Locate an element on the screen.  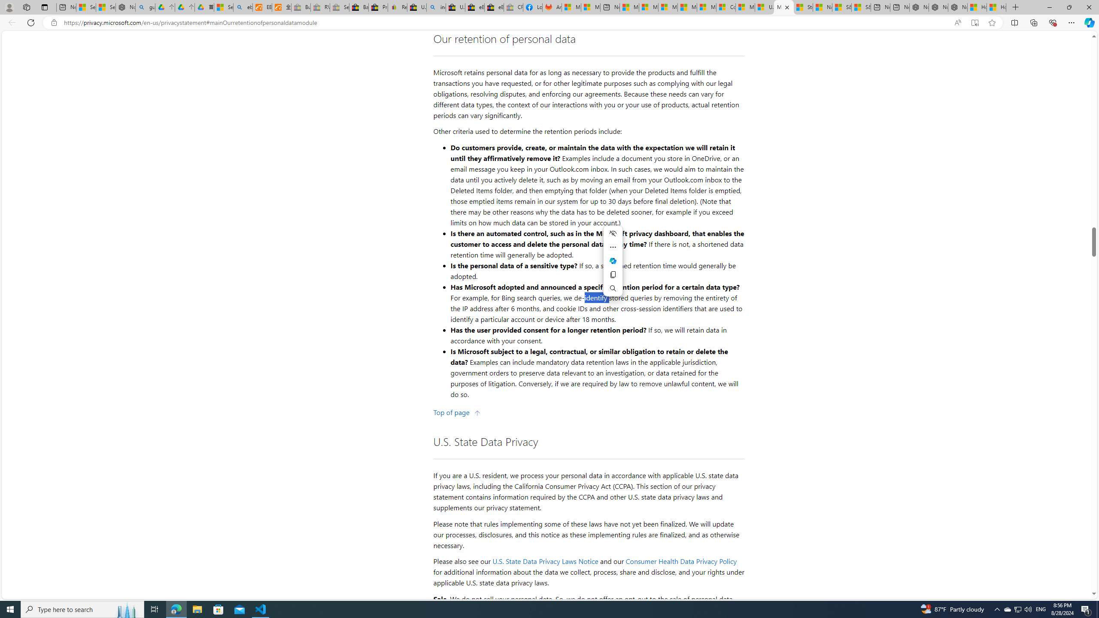
'Top of page' is located at coordinates (456, 412).